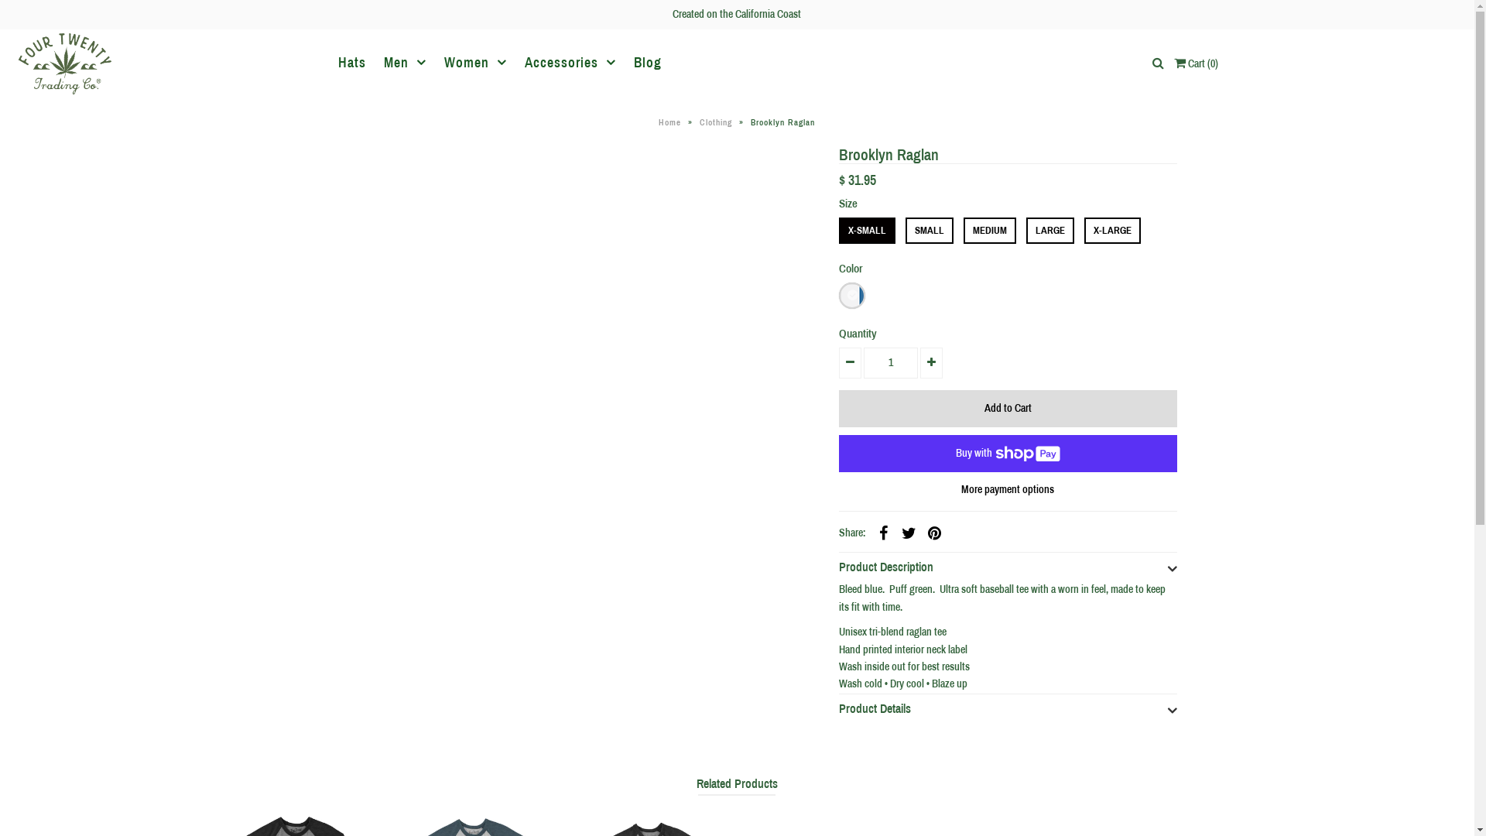  What do you see at coordinates (735, 14) in the screenshot?
I see `'Created on the California Coast'` at bounding box center [735, 14].